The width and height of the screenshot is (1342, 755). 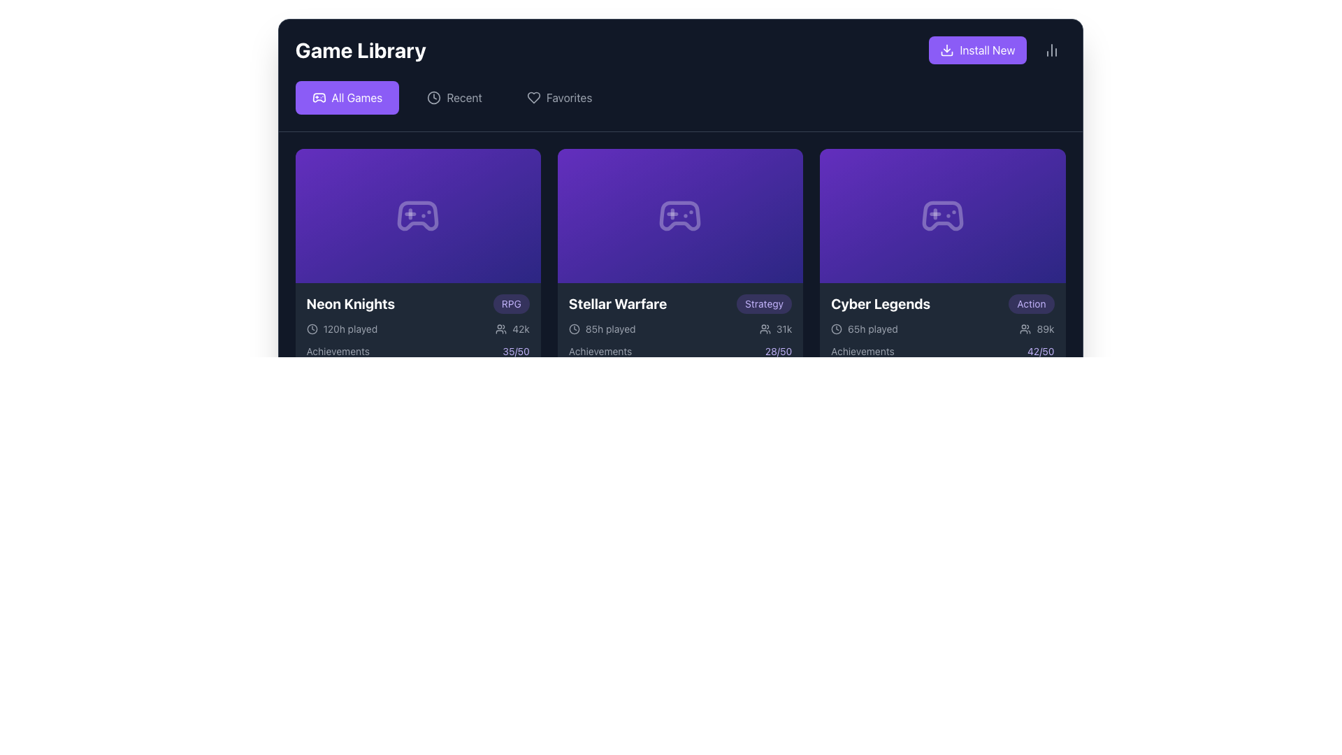 What do you see at coordinates (1051, 50) in the screenshot?
I see `the Icon Button resembling a vertical bar chart located at the top right corner of the interface, immediately to the right of the 'Install New' button, through keyboard navigation` at bounding box center [1051, 50].